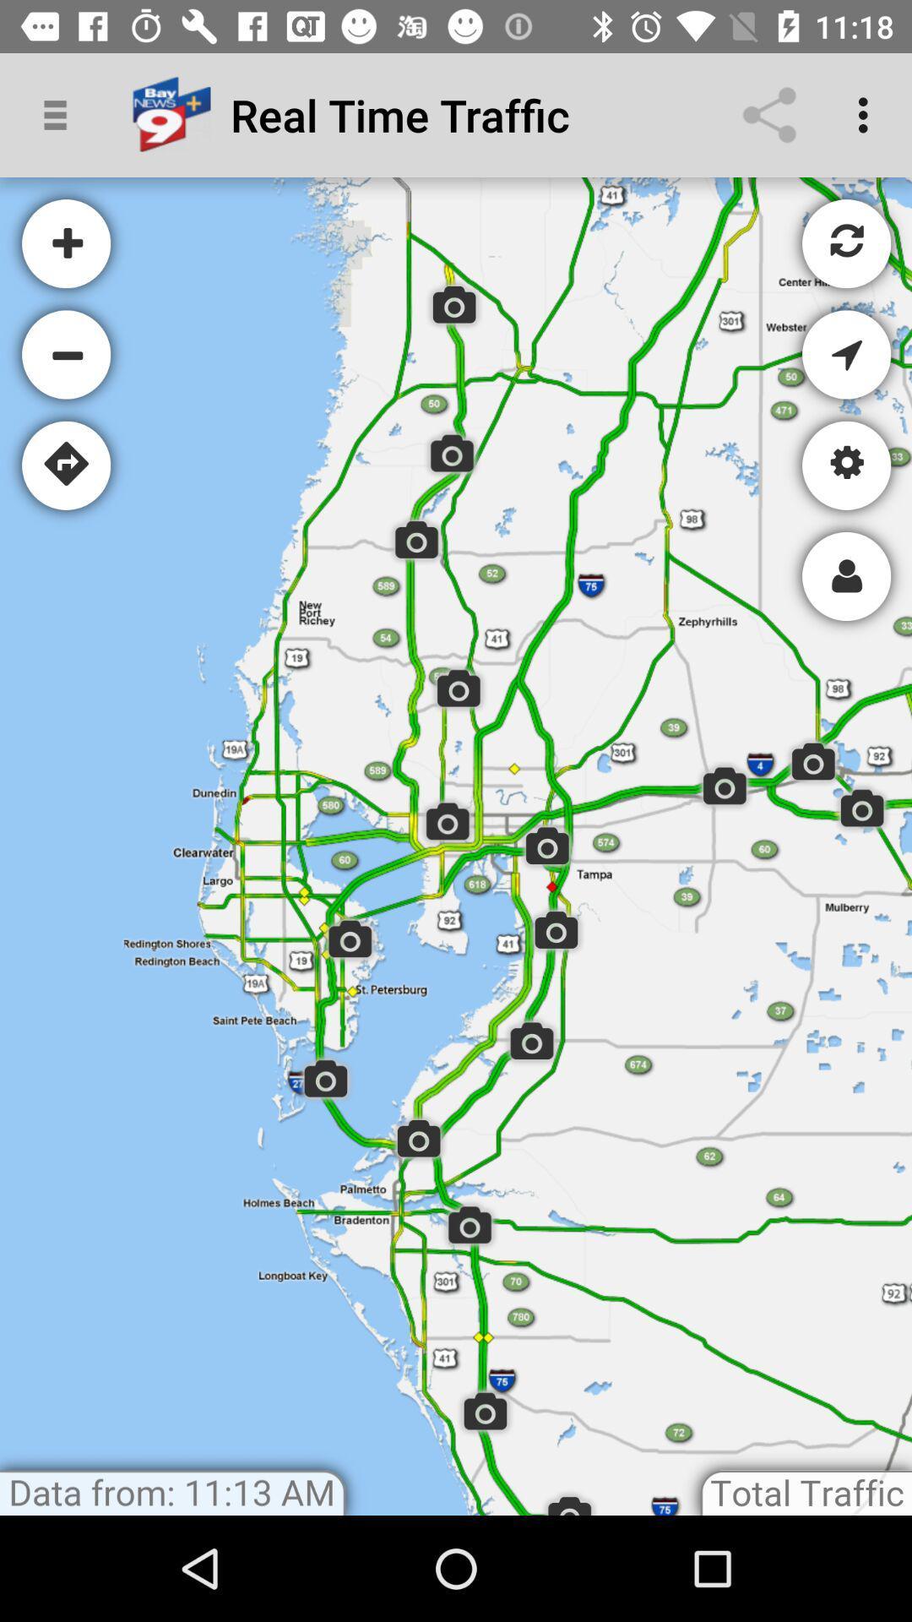  Describe the element at coordinates (456, 846) in the screenshot. I see `map` at that location.